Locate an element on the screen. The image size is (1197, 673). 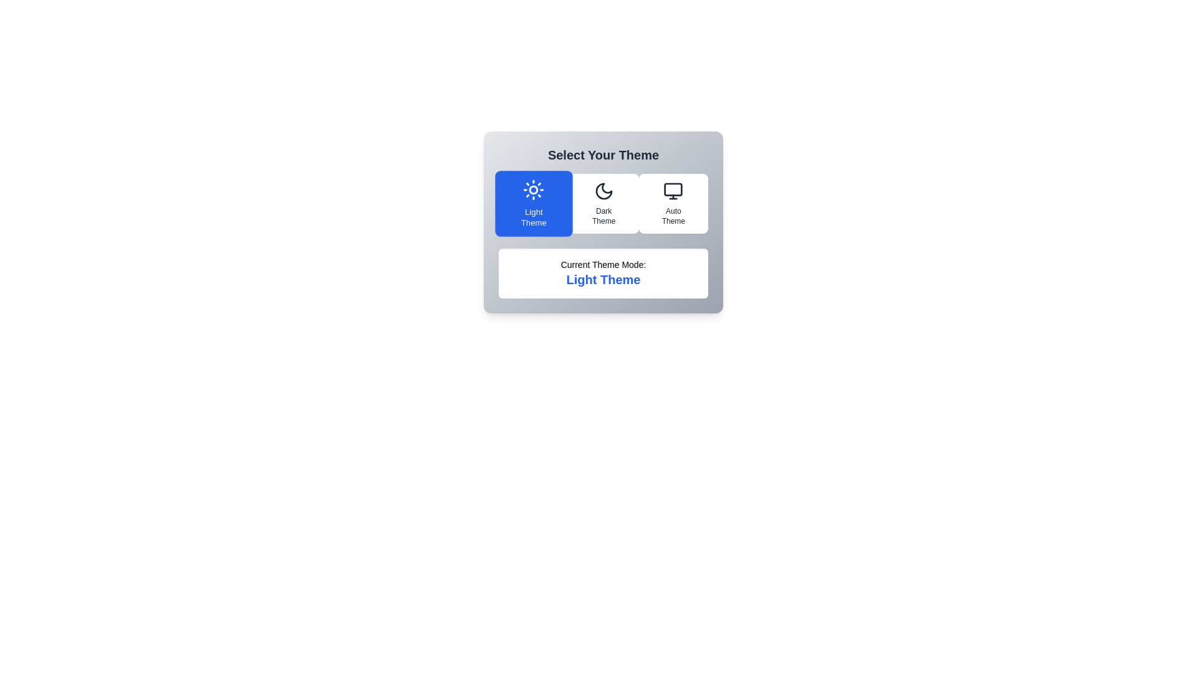
the theme Auto Theme by clicking on its corresponding button is located at coordinates (673, 203).